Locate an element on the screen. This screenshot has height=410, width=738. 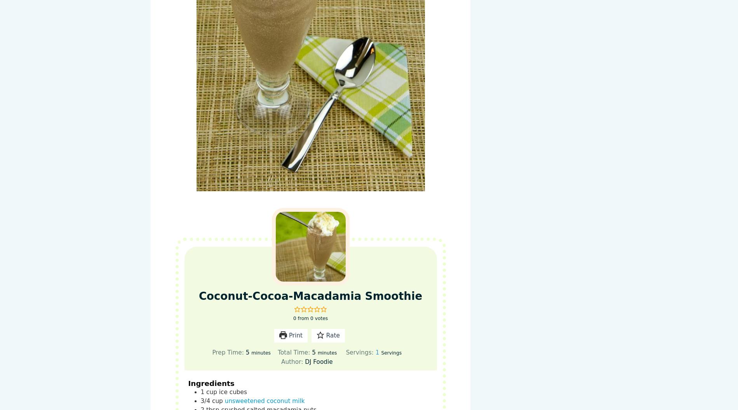
'3/4' is located at coordinates (205, 400).